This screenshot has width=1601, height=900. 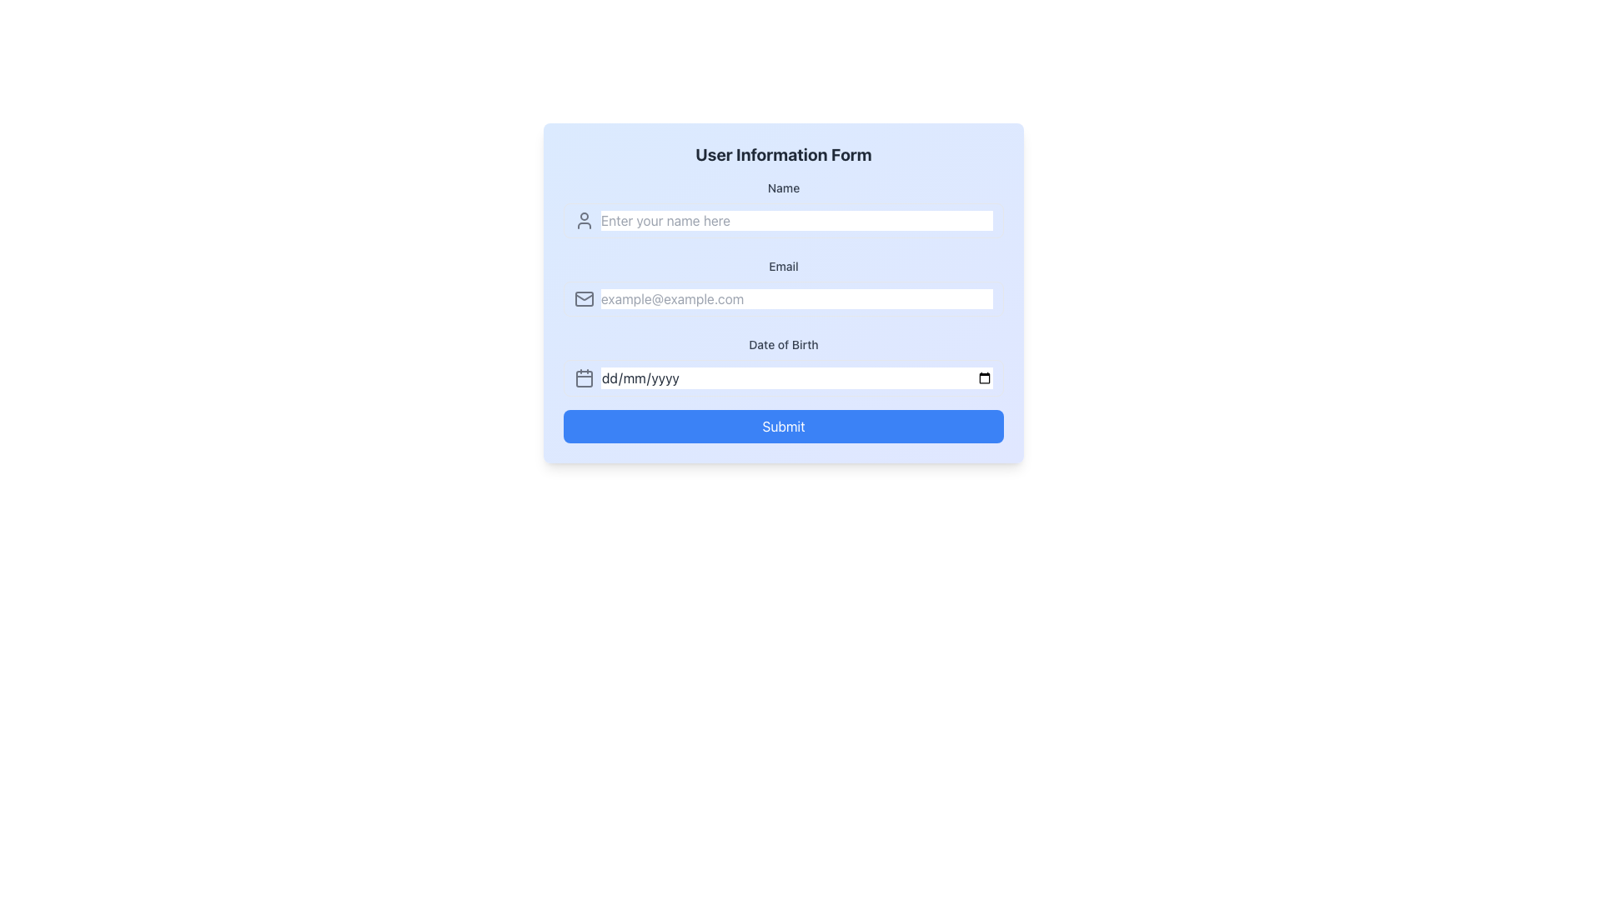 I want to click on the label indicating the name input field located at the top-left corner of the form, so click(x=783, y=187).